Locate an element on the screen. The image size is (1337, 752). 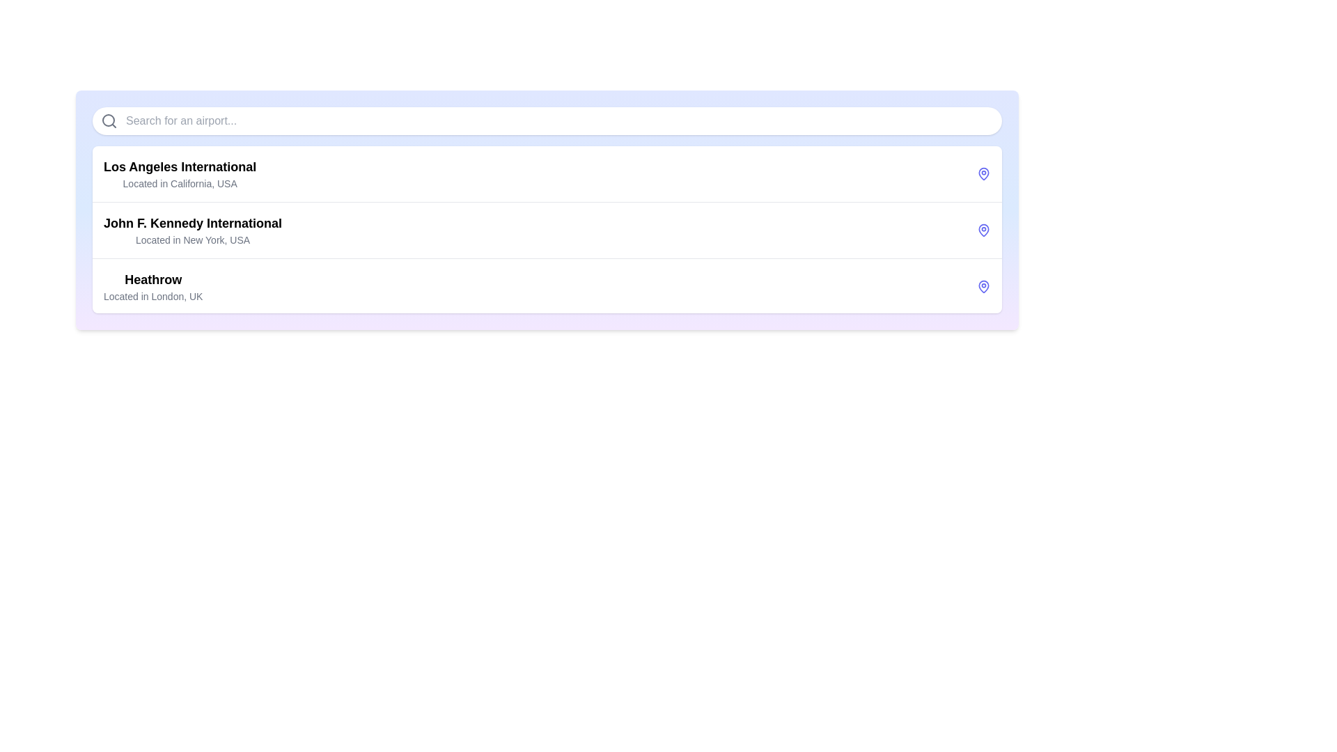
on the second list item for the airport, which is located between 'Los Angeles International' and 'Heathrow' is located at coordinates (547, 229).